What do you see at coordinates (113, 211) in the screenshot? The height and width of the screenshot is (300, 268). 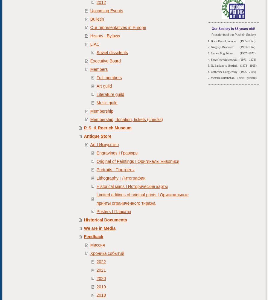 I see `'Posters I Плакаты'` at bounding box center [113, 211].